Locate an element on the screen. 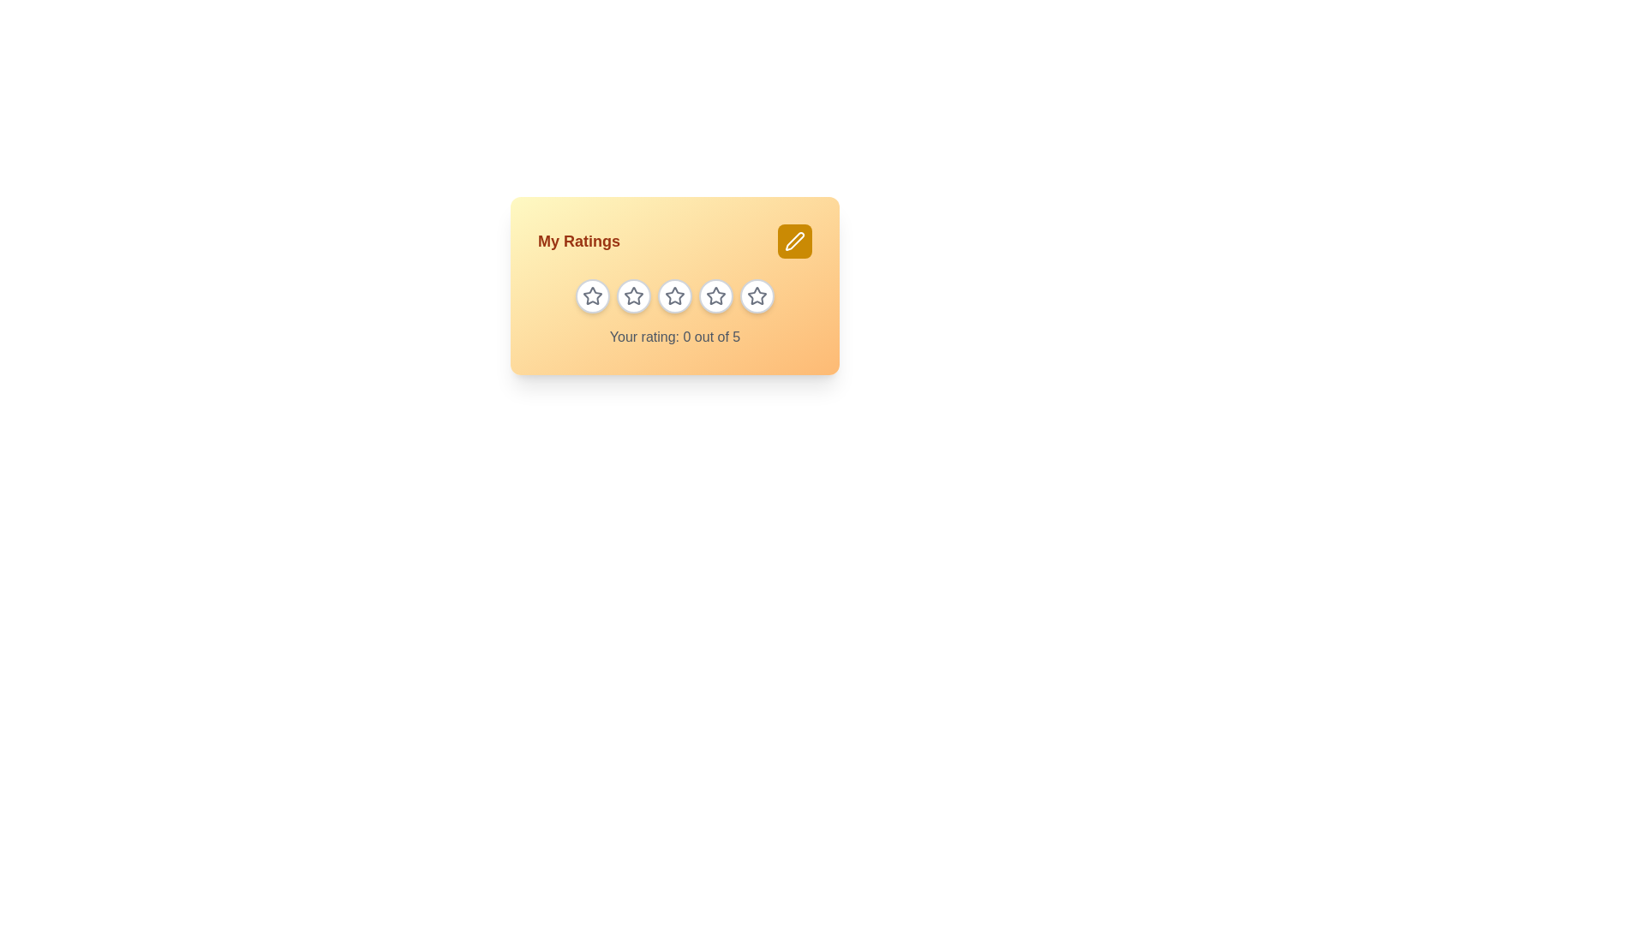 The width and height of the screenshot is (1645, 925). the third star-shaped icon in the rating system is located at coordinates (715, 295).